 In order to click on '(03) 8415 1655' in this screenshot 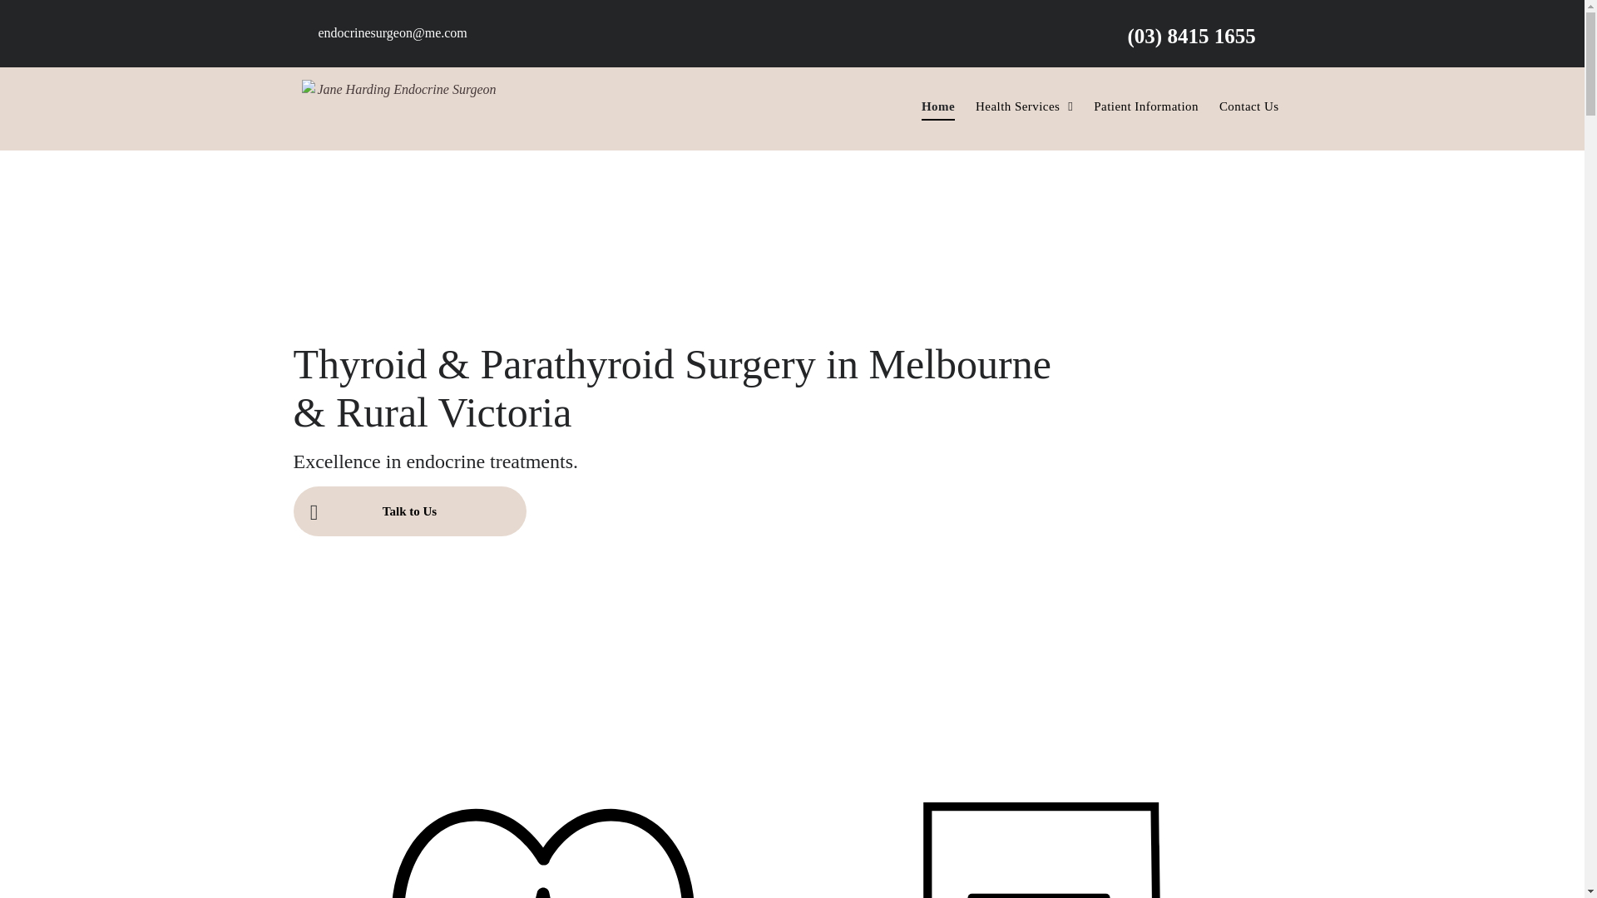, I will do `click(1191, 36)`.